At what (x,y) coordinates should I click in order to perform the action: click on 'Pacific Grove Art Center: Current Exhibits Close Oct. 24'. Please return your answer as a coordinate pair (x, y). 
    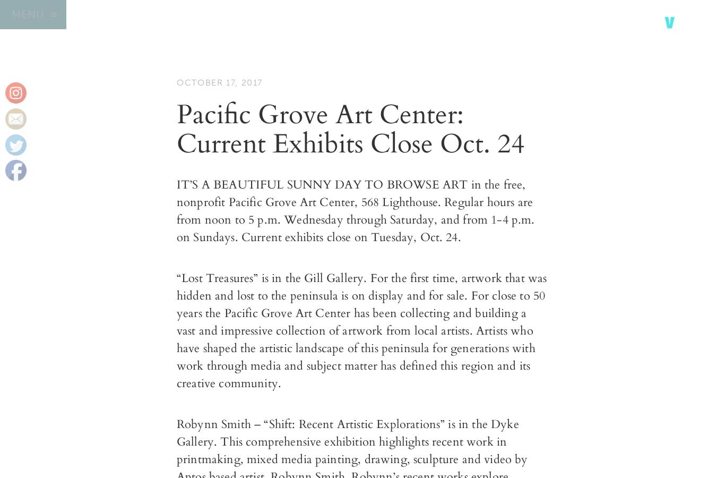
    Looking at the image, I should click on (177, 129).